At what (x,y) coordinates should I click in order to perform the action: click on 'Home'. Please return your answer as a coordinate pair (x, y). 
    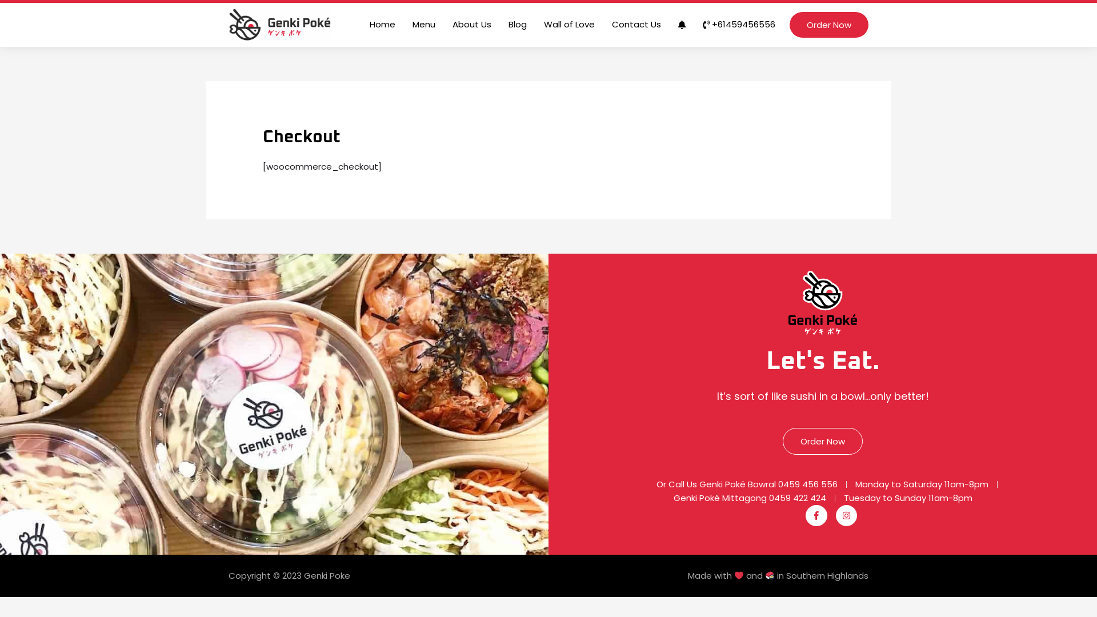
    Looking at the image, I should click on (382, 24).